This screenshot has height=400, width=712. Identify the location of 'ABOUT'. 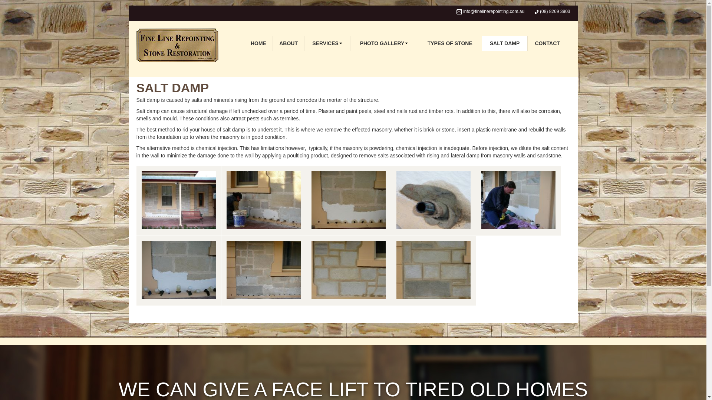
(288, 43).